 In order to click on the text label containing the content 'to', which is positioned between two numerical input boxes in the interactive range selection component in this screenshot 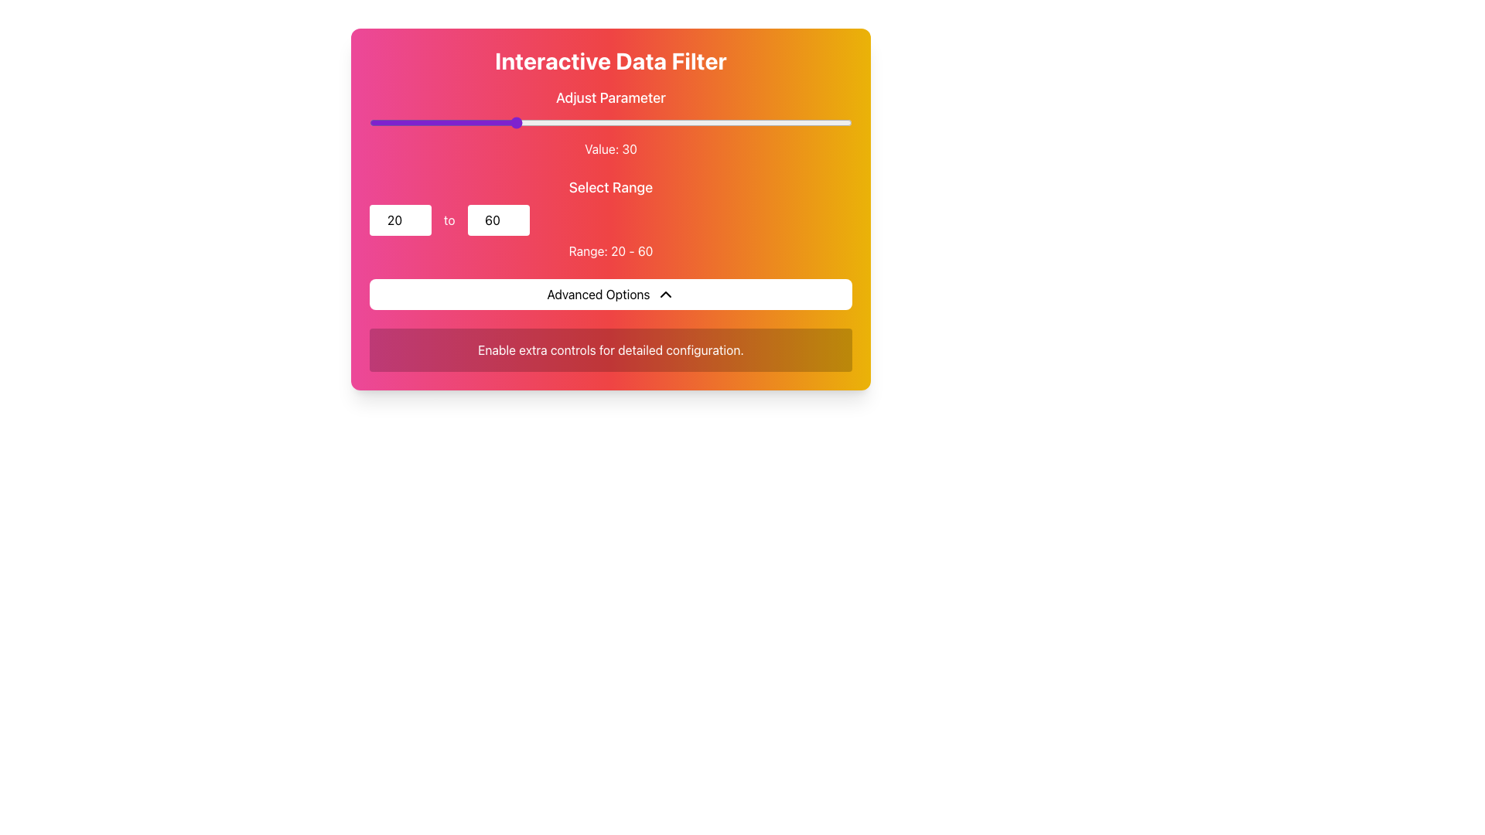, I will do `click(449, 220)`.